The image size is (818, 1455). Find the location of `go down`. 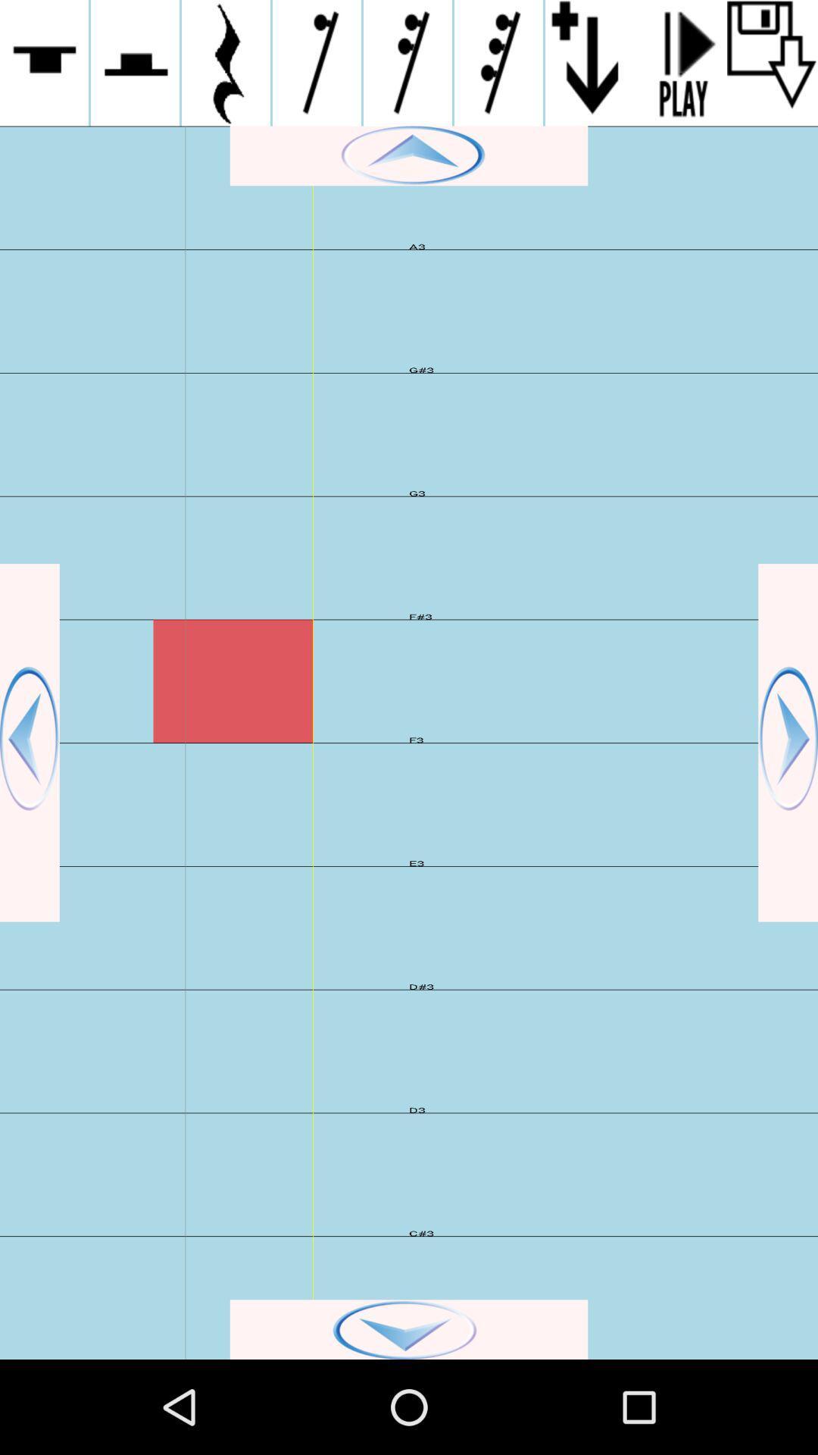

go down is located at coordinates (409, 1328).